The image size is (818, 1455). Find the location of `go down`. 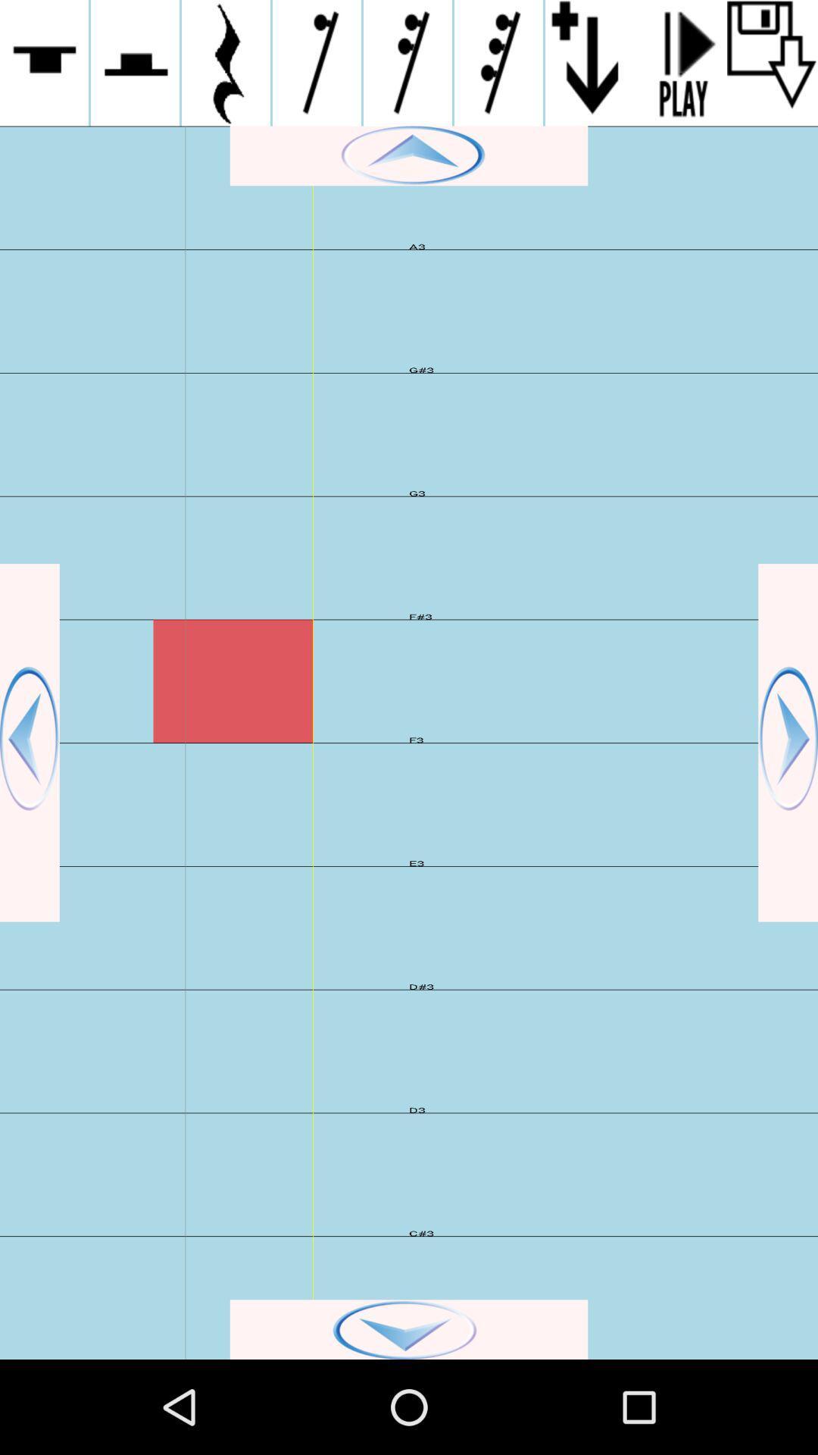

go down is located at coordinates (409, 1328).